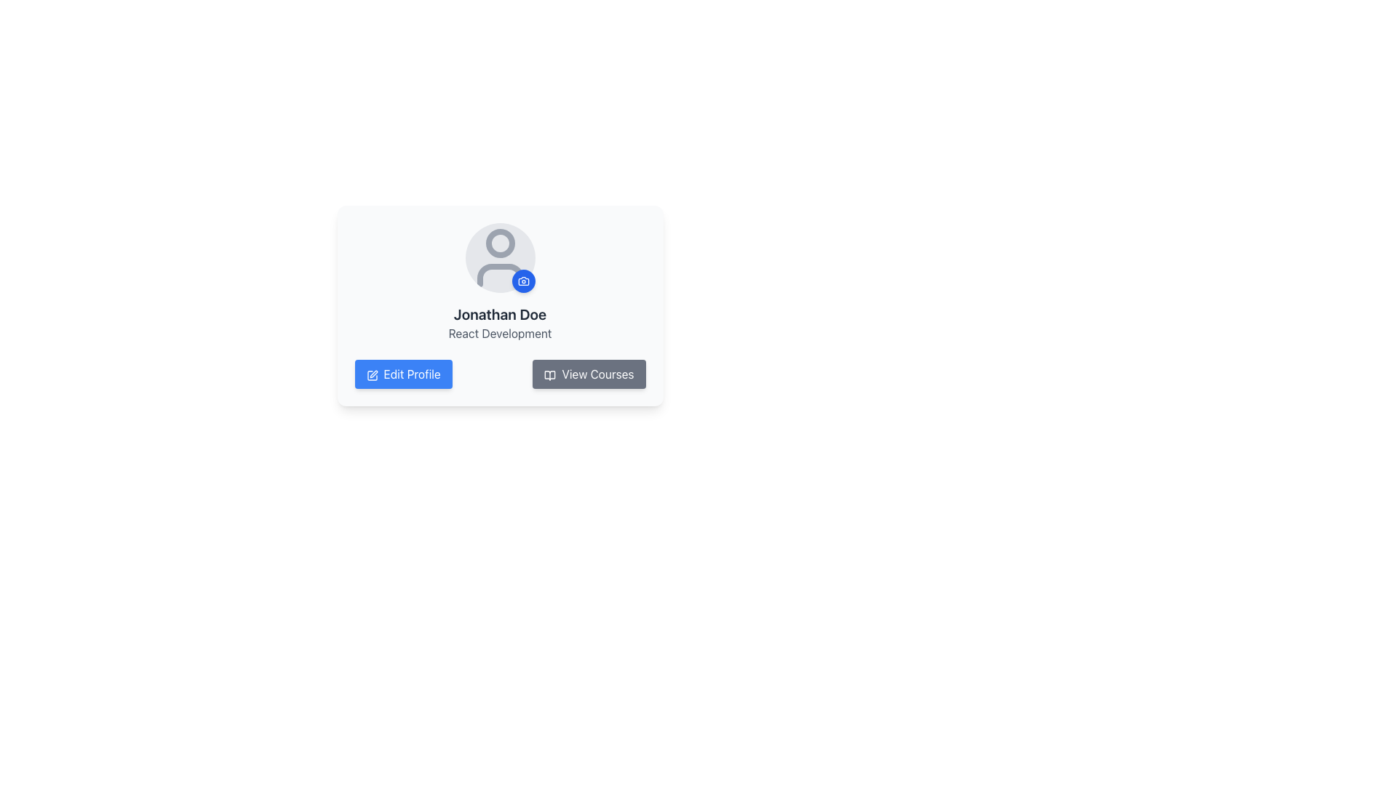  Describe the element at coordinates (500, 243) in the screenshot. I see `the circular graphical component located at the top-center of the user profile picture illustration` at that location.